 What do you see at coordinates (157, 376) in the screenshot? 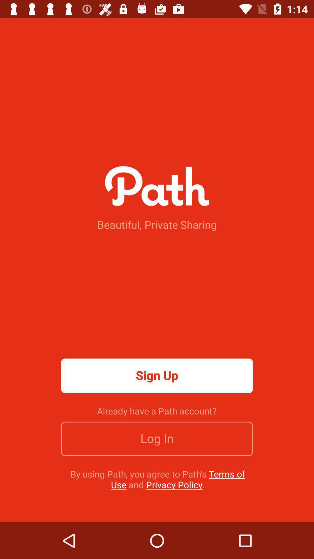
I see `the icon above the already have a` at bounding box center [157, 376].